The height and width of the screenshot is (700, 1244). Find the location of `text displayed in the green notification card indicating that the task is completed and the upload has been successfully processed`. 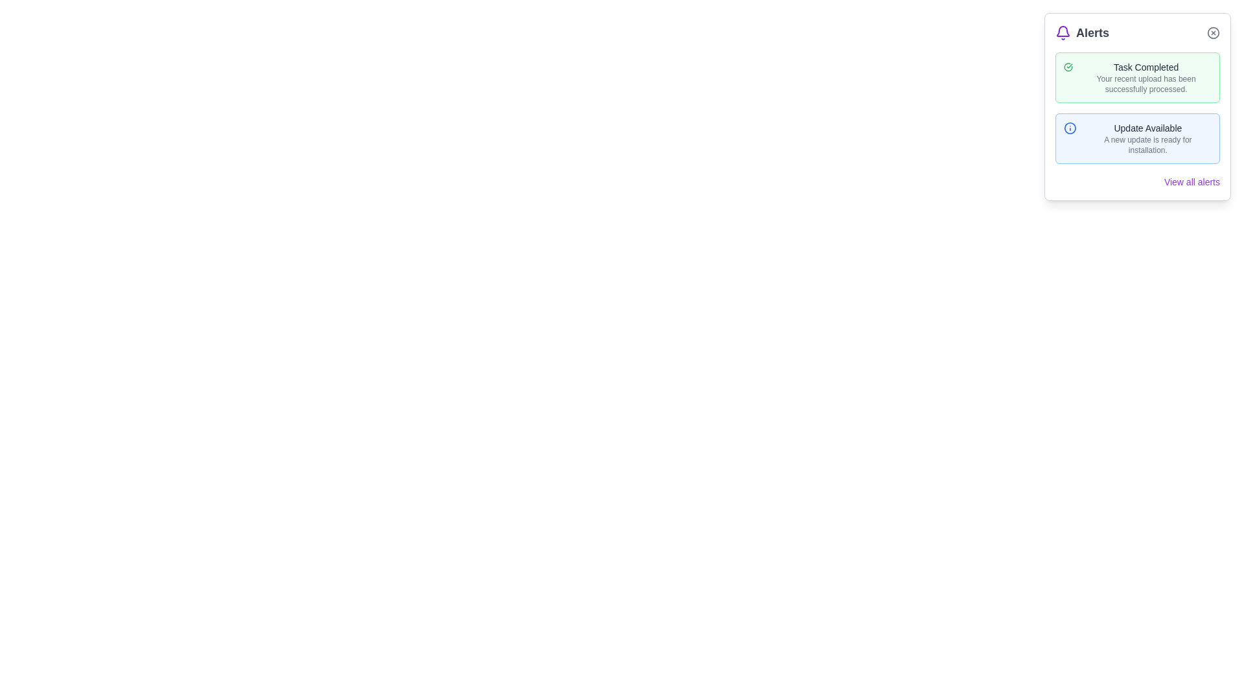

text displayed in the green notification card indicating that the task is completed and the upload has been successfully processed is located at coordinates (1146, 77).